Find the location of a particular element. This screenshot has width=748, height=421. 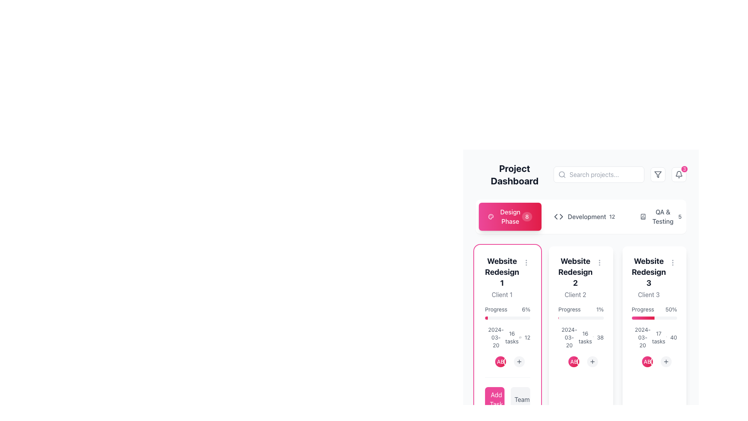

the compact search bar located at the top-right section of the interface with a white background and rounded edges, which has a placeholder text reading 'Search projects...' is located at coordinates (598, 174).